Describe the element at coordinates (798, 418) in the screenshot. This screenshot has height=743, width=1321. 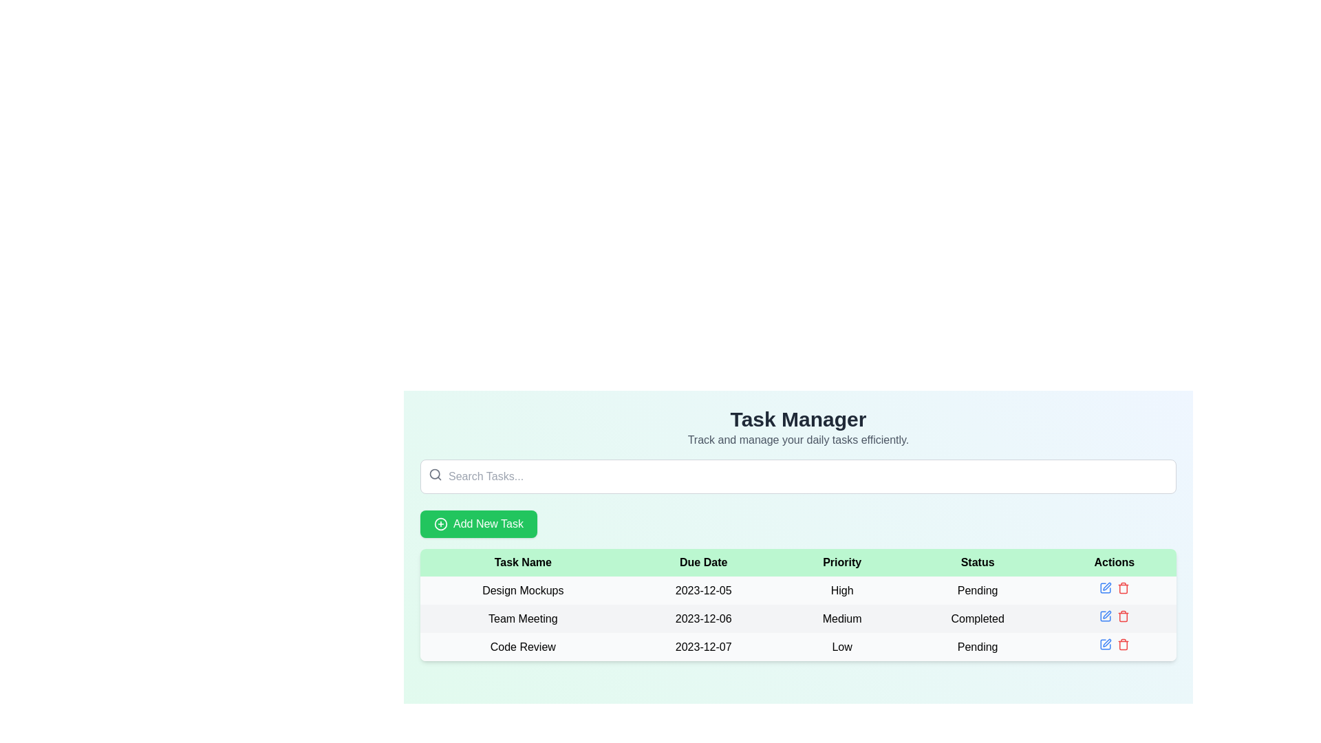
I see `Page Header / Title Text located at the top center of the interface, which indicates the primary purpose of managing tasks` at that location.